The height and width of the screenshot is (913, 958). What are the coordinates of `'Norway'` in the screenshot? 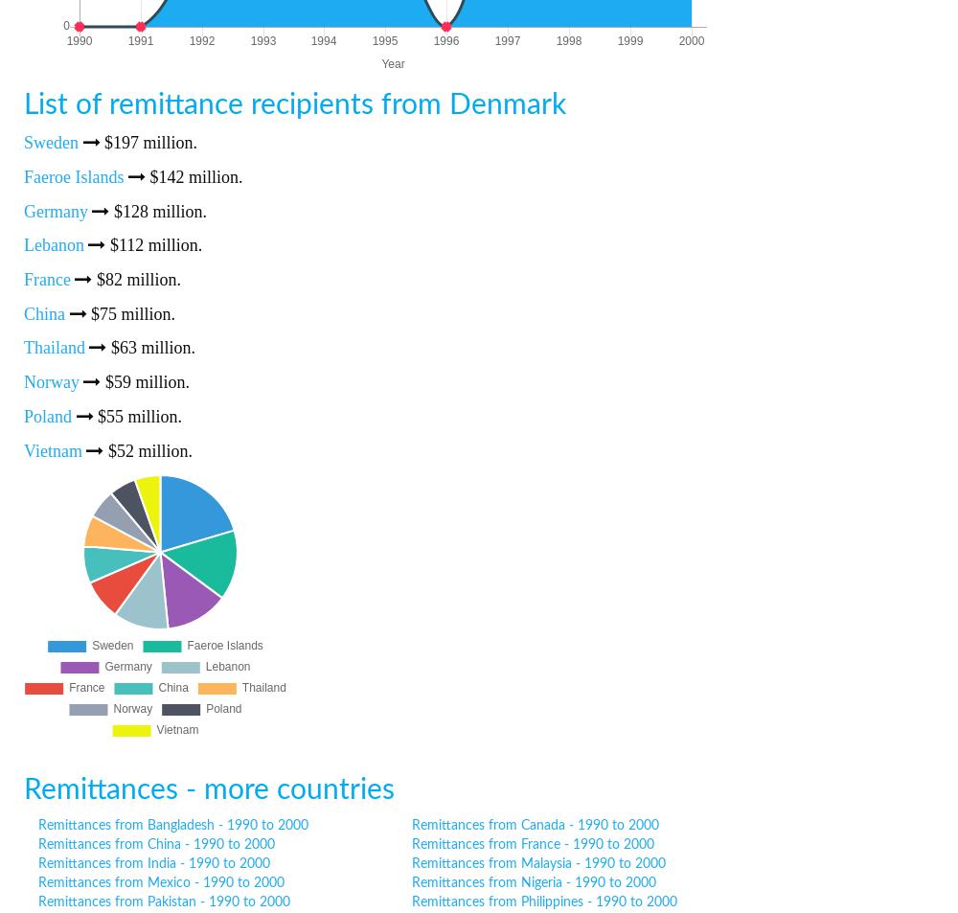 It's located at (51, 381).